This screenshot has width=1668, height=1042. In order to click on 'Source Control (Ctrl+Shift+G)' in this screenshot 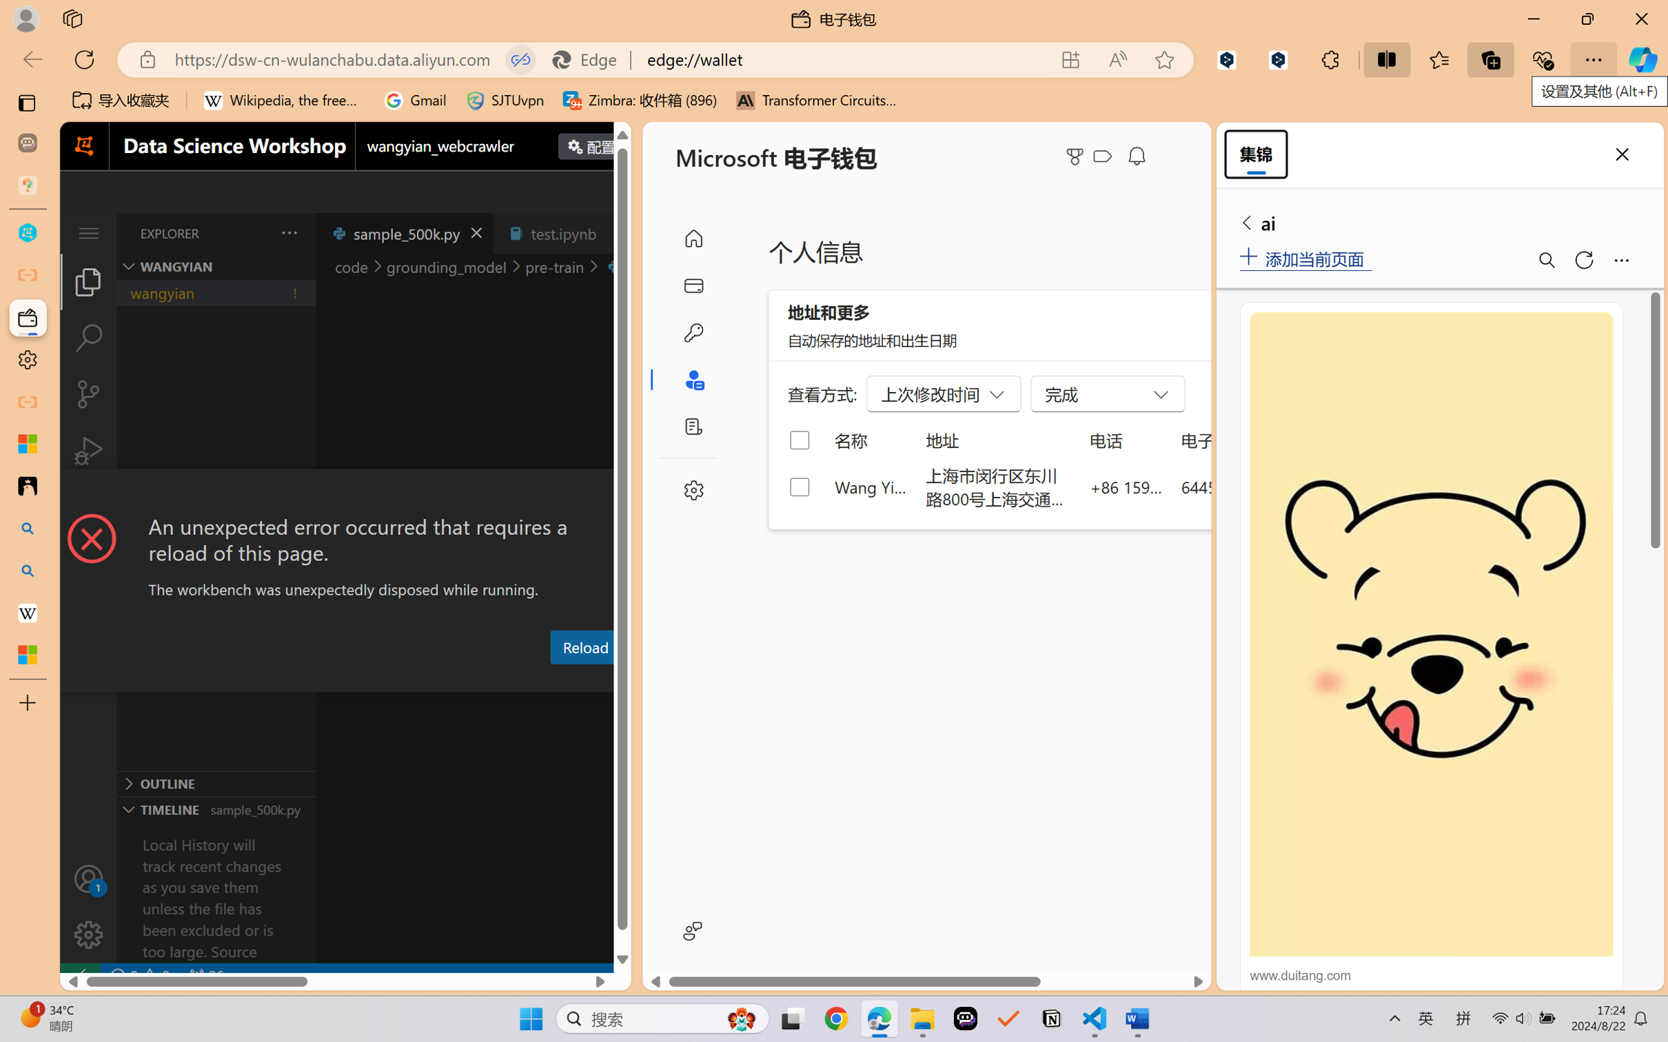, I will do `click(88, 394)`.